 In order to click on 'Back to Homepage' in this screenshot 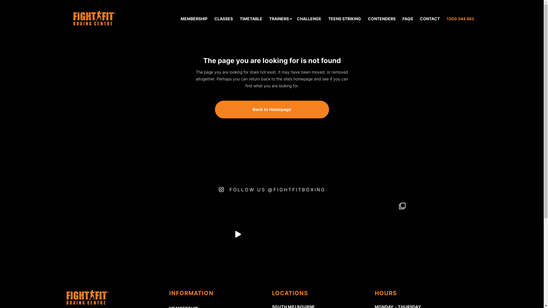, I will do `click(271, 110)`.